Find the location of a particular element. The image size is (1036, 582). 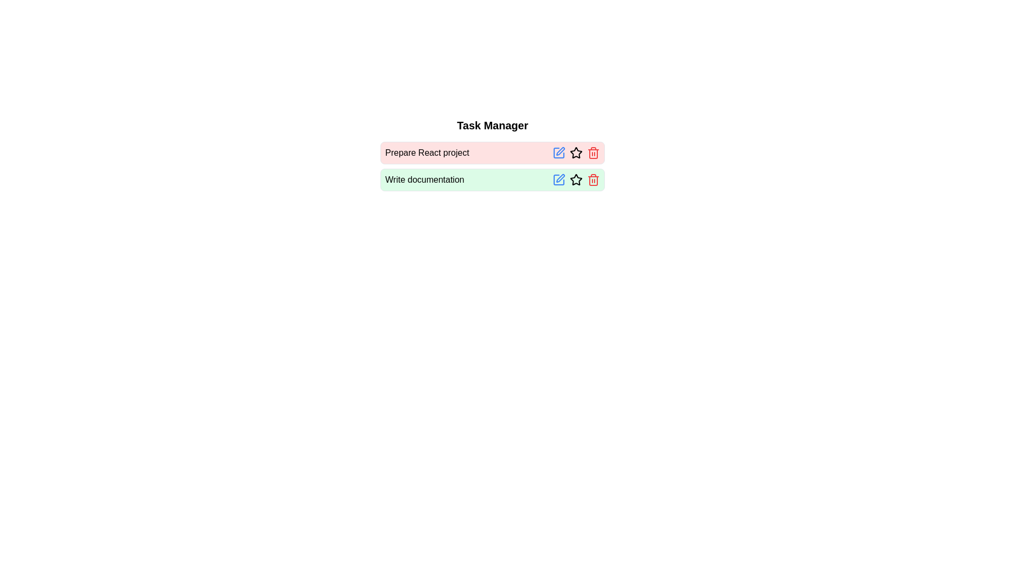

the star icon, which is the rightmost icon in the row for 'Prepare React project,' is located at coordinates (576, 153).